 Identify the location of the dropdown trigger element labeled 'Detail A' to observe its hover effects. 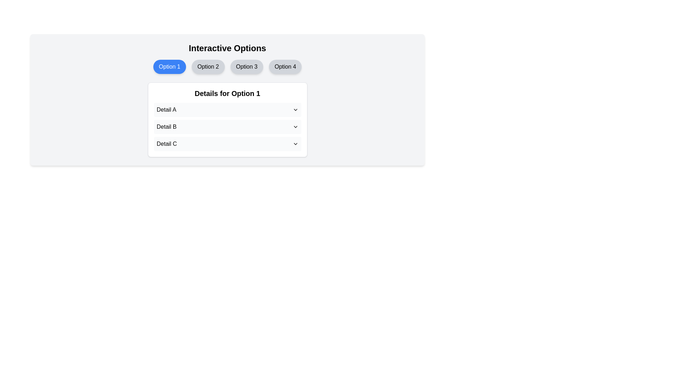
(227, 110).